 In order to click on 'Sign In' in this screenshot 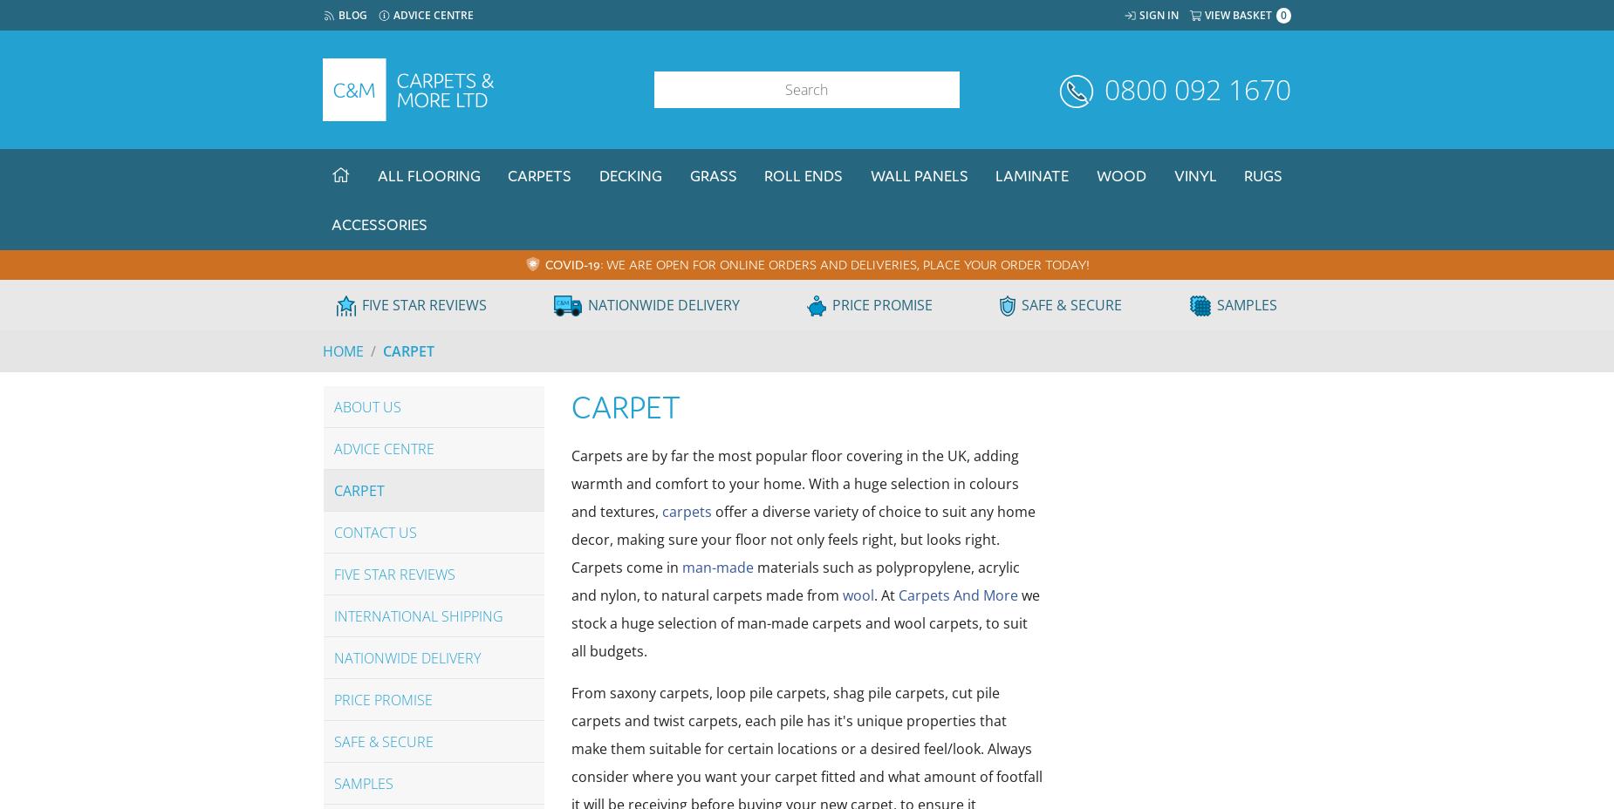, I will do `click(1157, 14)`.